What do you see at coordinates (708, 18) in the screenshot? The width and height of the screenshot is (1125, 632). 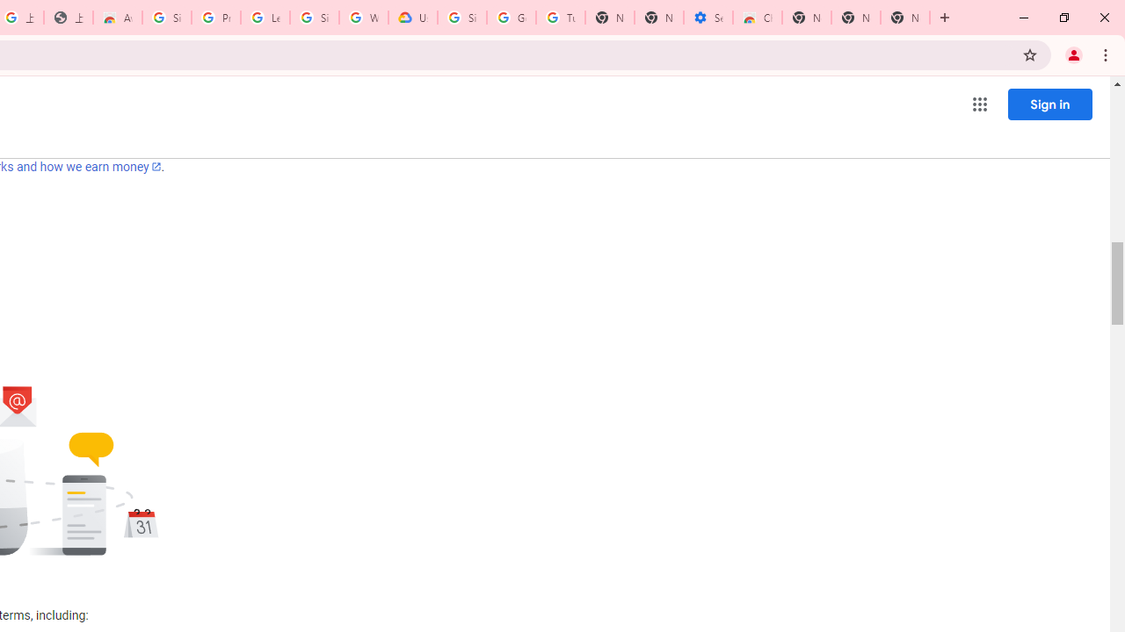 I see `'Settings - Accessibility'` at bounding box center [708, 18].